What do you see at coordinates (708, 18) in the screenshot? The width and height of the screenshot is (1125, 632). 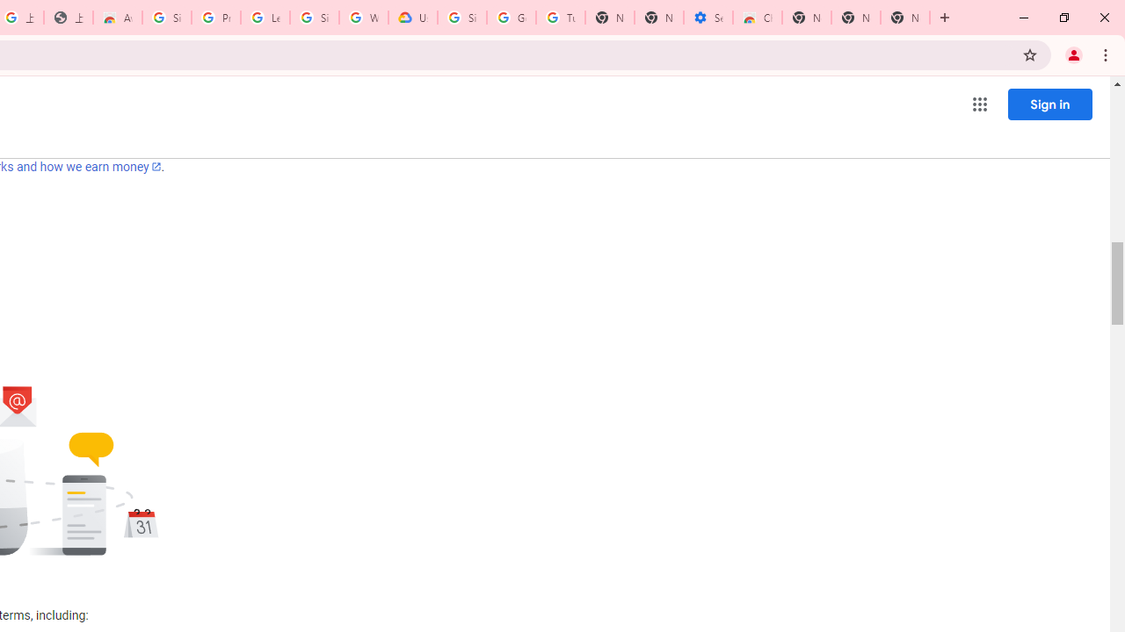 I see `'Settings - Accessibility'` at bounding box center [708, 18].